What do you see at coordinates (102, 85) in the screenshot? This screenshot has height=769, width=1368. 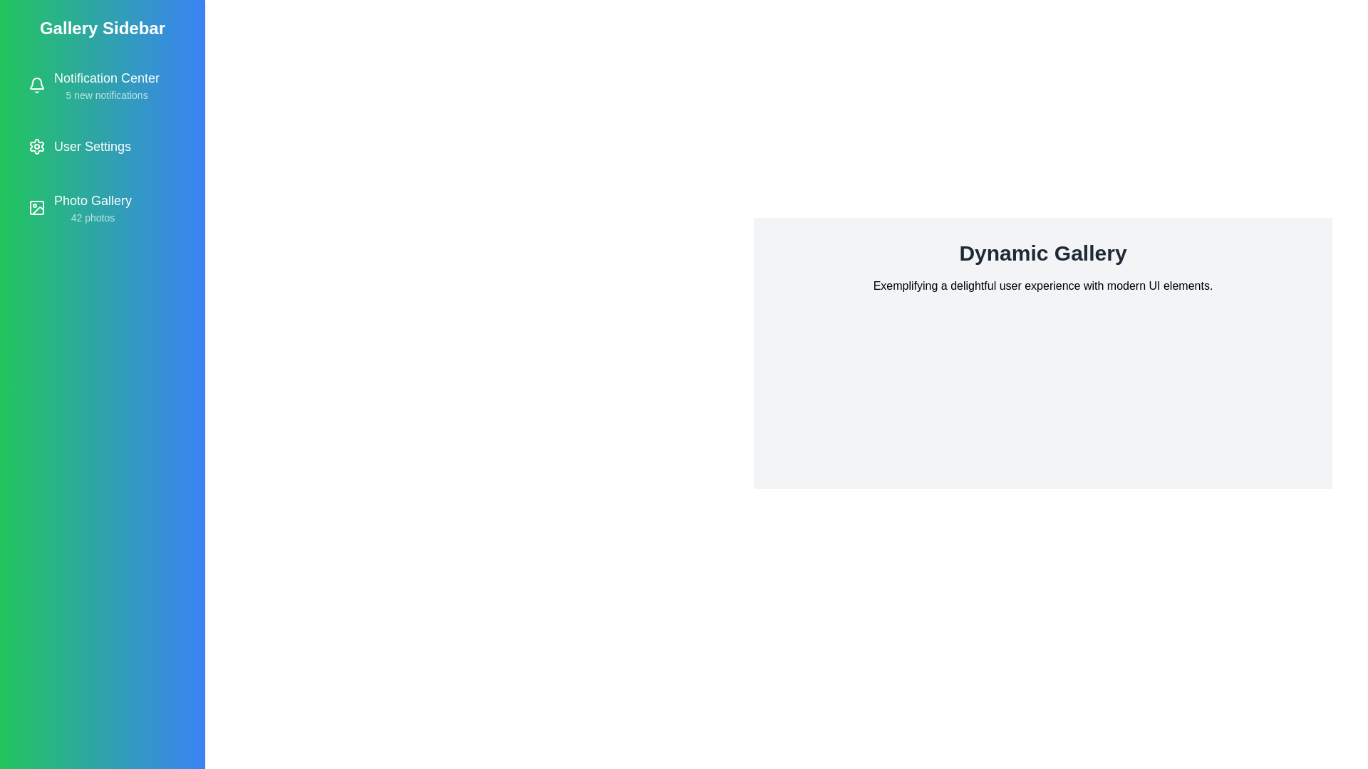 I see `the 'Notification Center' item in the sidebar` at bounding box center [102, 85].